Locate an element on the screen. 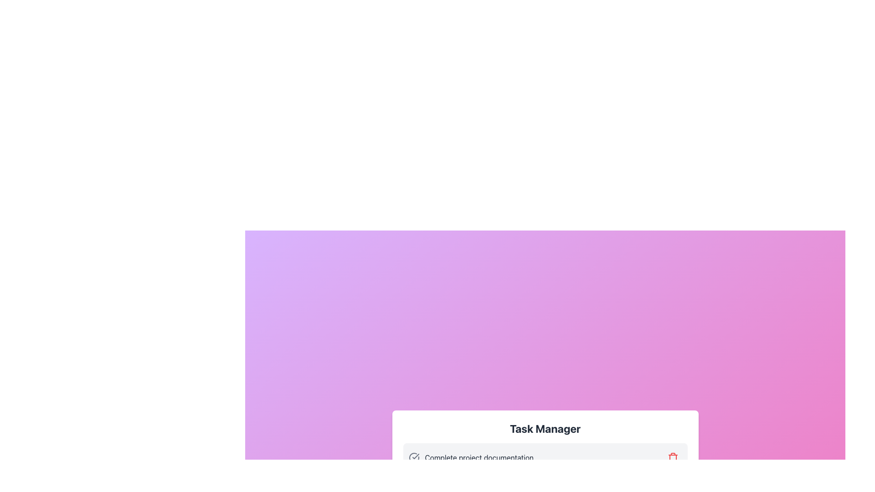 The height and width of the screenshot is (492, 875). the status icon located to the left of the text 'Complete project documentation' is located at coordinates (413, 458).